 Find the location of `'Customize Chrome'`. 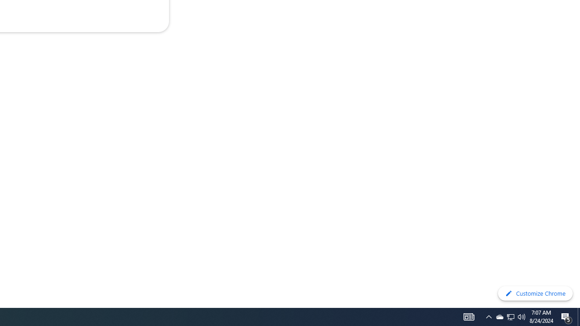

'Customize Chrome' is located at coordinates (535, 293).